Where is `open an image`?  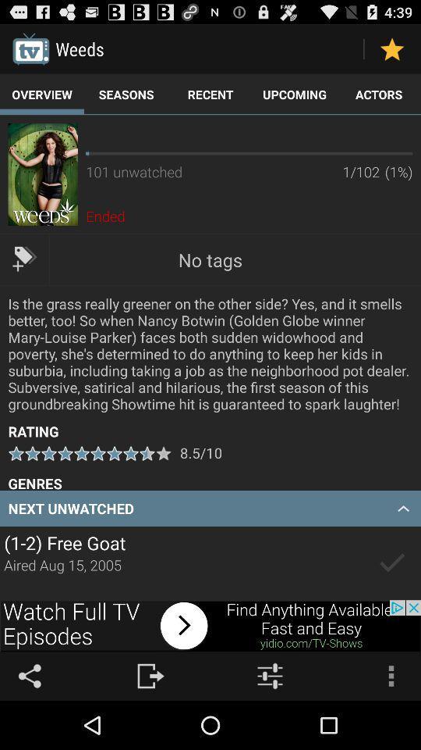 open an image is located at coordinates (43, 174).